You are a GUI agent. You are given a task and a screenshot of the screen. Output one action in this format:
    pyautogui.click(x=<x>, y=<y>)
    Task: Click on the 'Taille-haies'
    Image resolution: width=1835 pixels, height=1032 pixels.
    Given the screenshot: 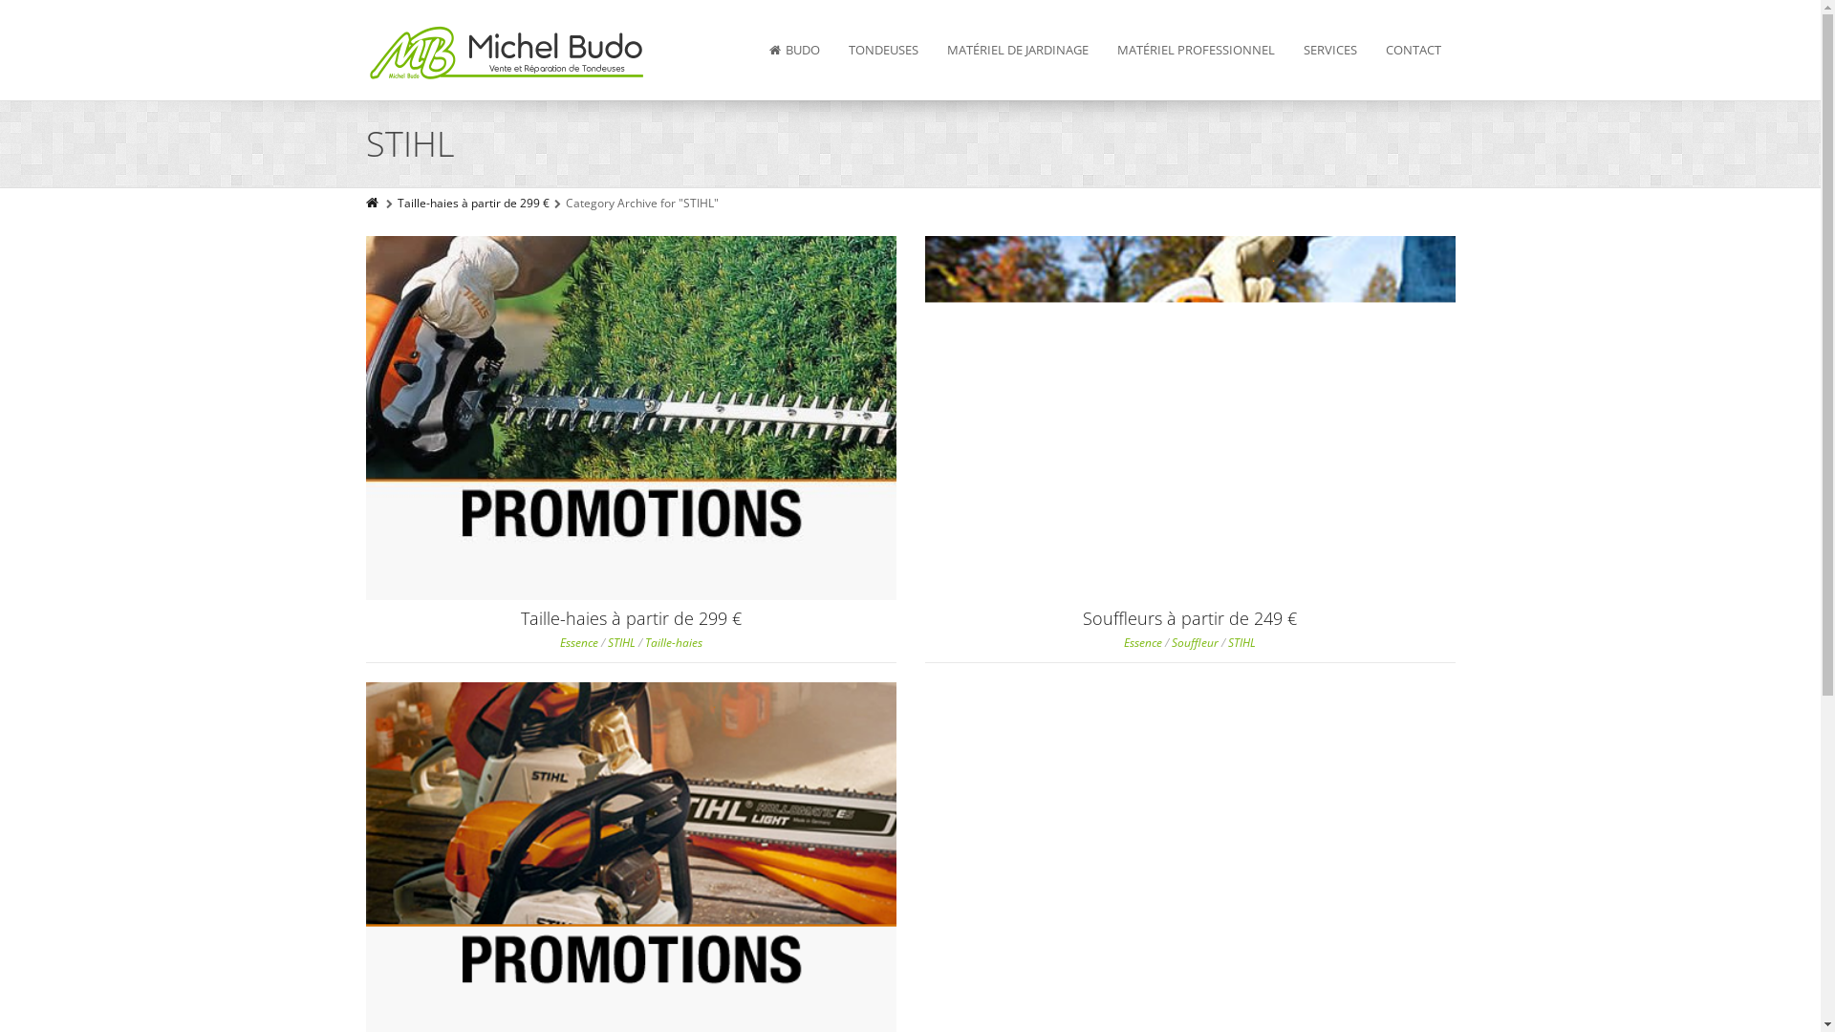 What is the action you would take?
    pyautogui.click(x=673, y=642)
    